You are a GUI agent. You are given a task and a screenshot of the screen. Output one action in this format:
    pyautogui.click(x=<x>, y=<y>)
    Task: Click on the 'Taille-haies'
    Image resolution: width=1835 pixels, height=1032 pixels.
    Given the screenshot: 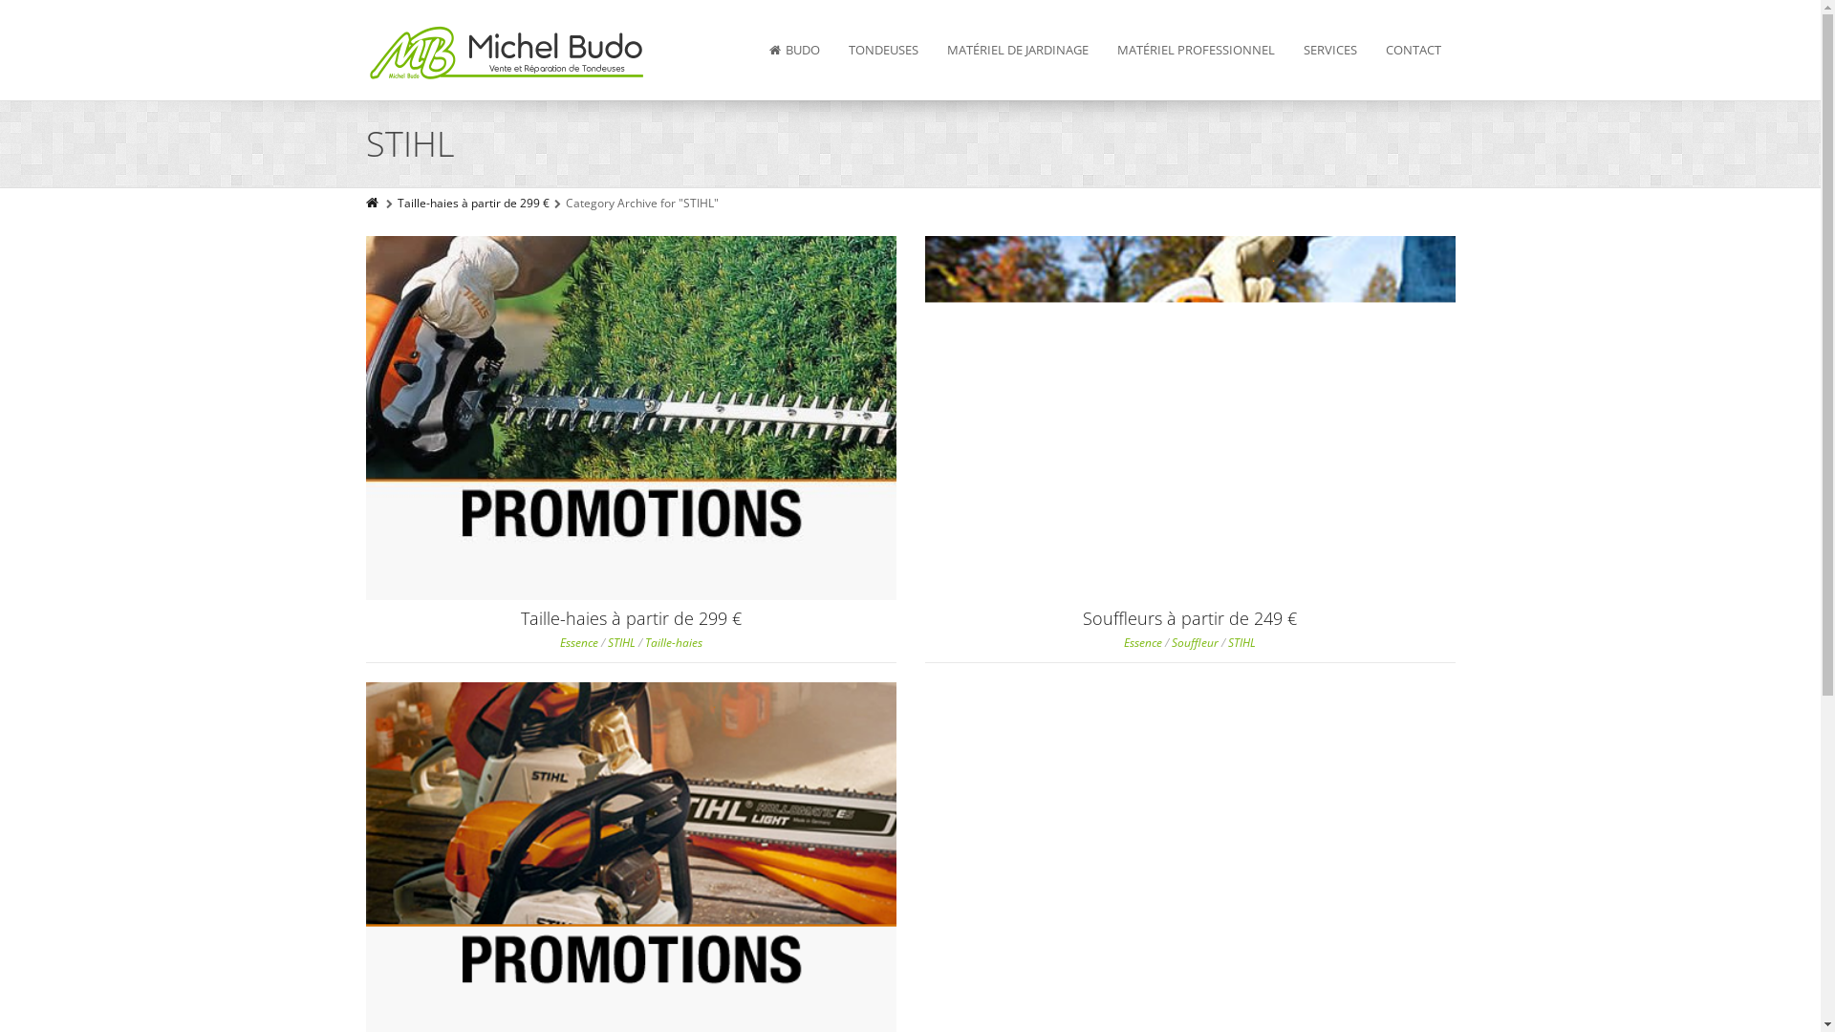 What is the action you would take?
    pyautogui.click(x=673, y=642)
    